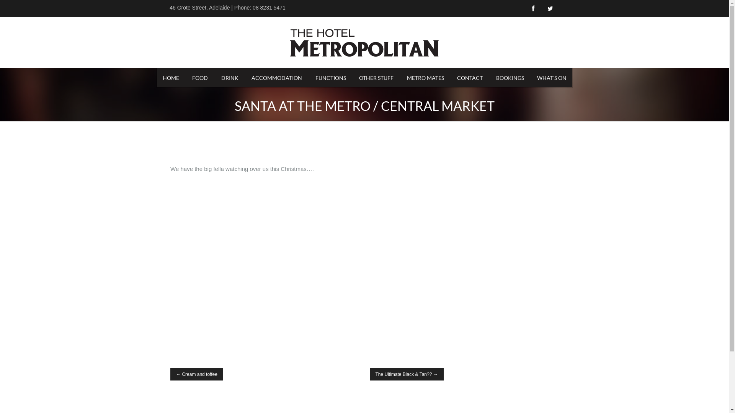 The height and width of the screenshot is (413, 735). Describe the element at coordinates (400, 78) in the screenshot. I see `'METRO MATES'` at that location.